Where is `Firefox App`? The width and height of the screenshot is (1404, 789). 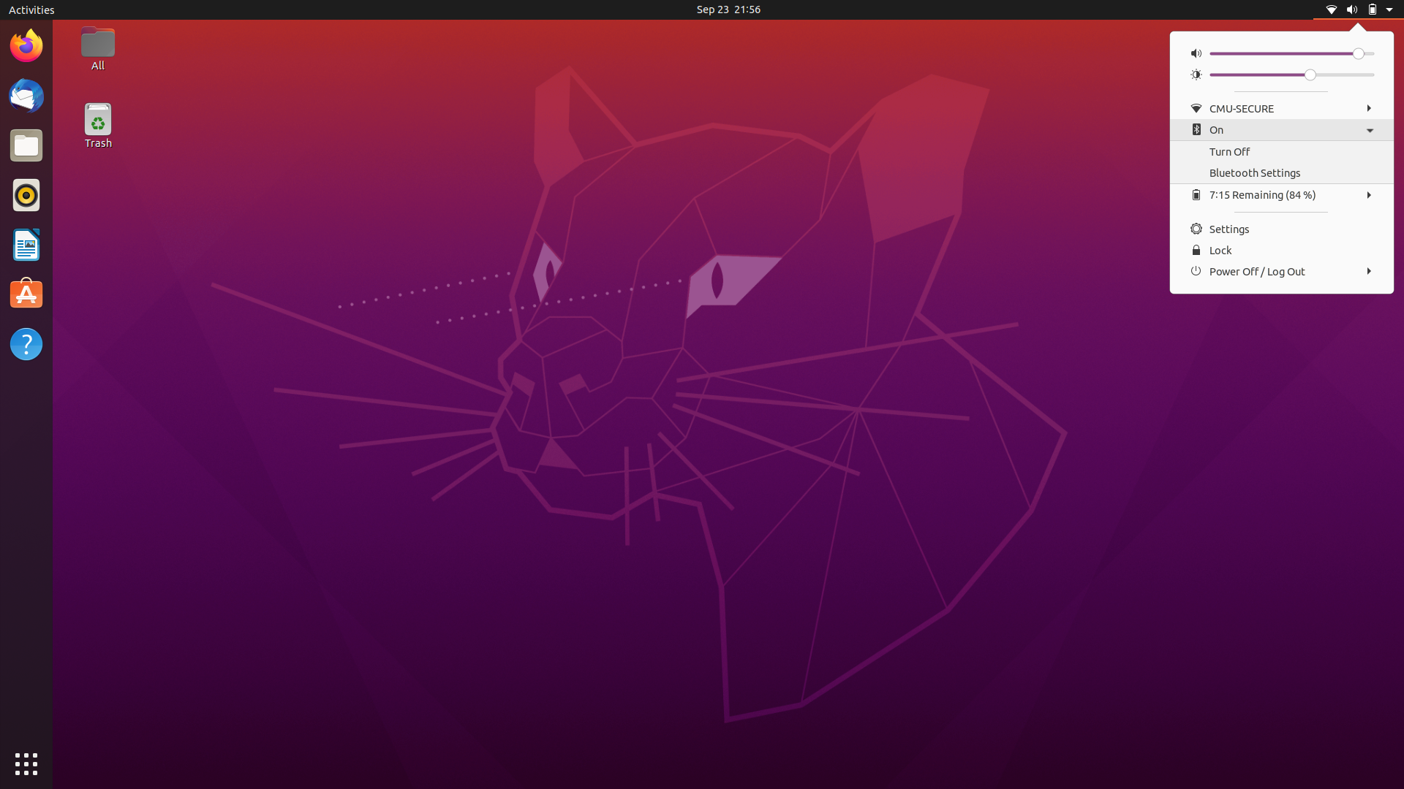
Firefox App is located at coordinates (25, 44).